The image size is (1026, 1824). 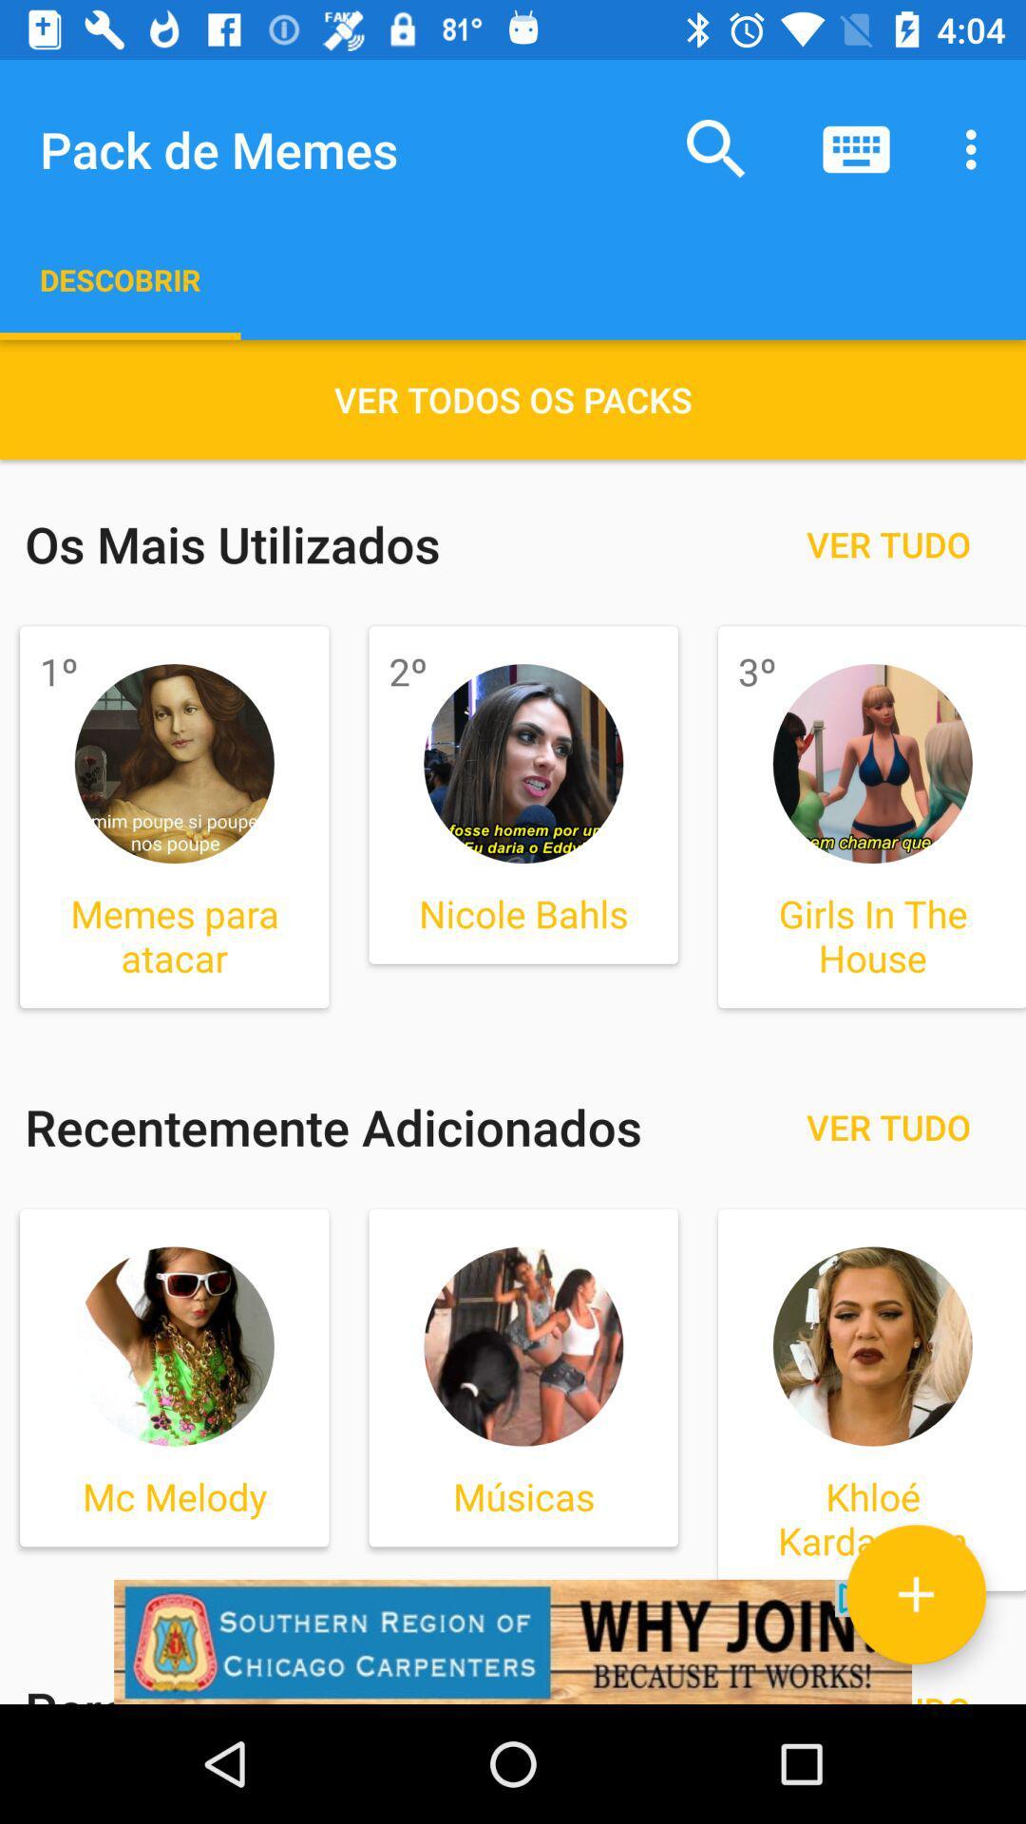 I want to click on advertisement to join chicago carpenters, so click(x=513, y=1641).